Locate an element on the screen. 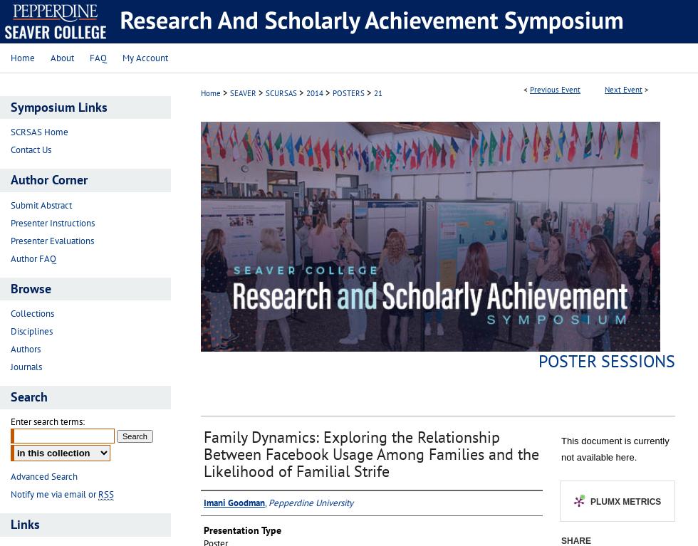  'Next Event' is located at coordinates (623, 90).